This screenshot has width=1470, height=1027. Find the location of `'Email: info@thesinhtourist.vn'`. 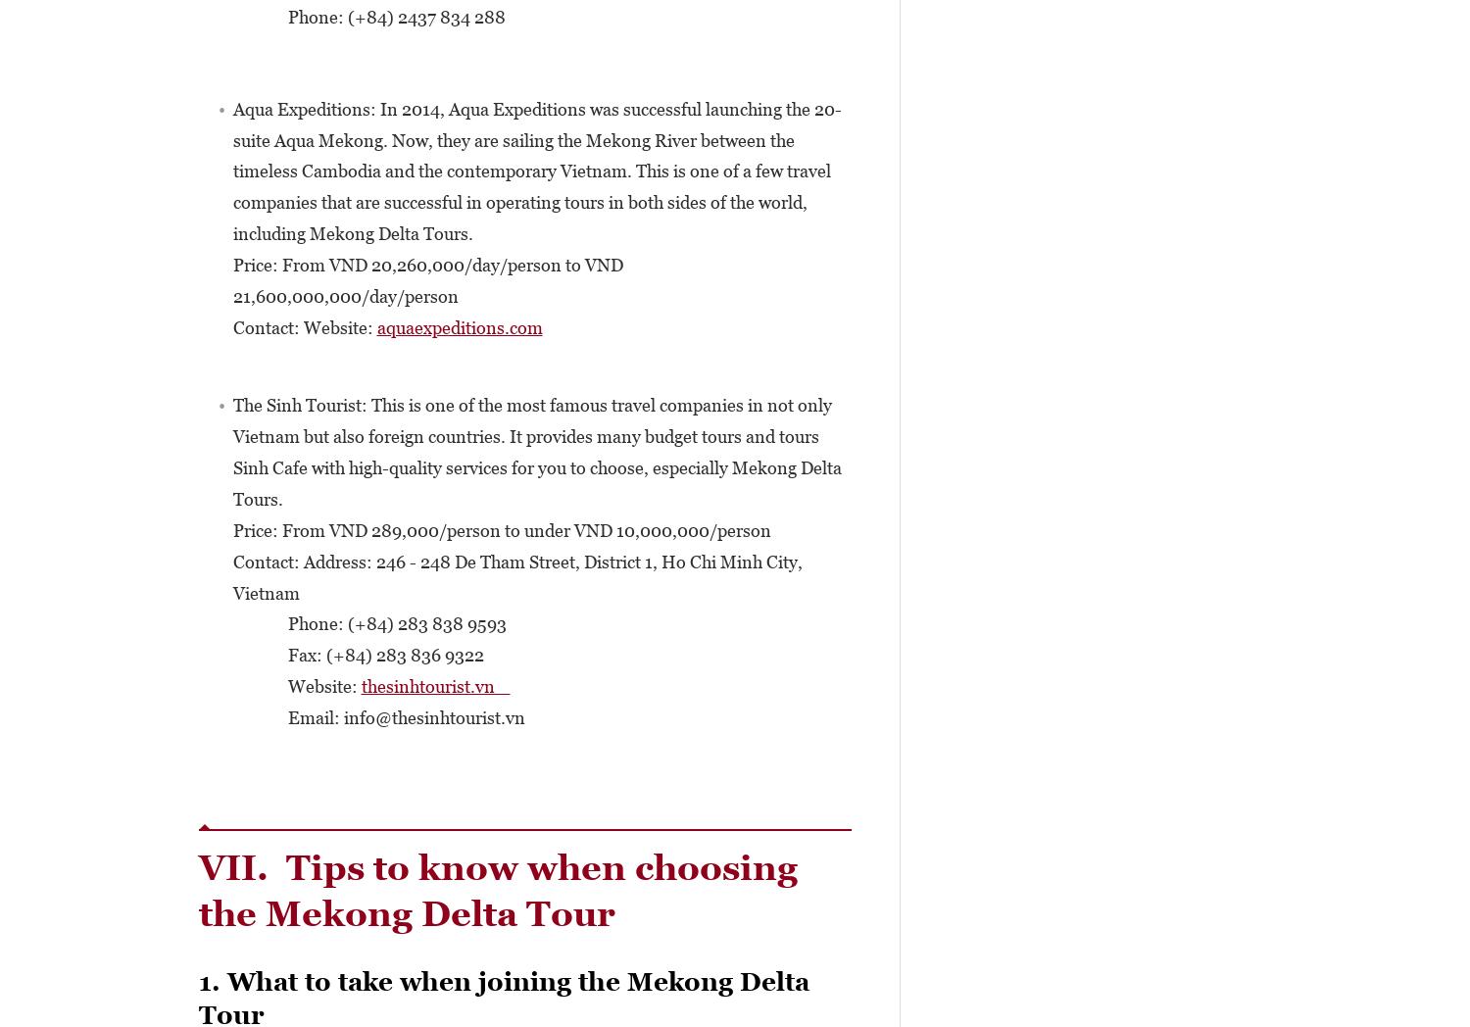

'Email: info@thesinhtourist.vn' is located at coordinates (377, 716).